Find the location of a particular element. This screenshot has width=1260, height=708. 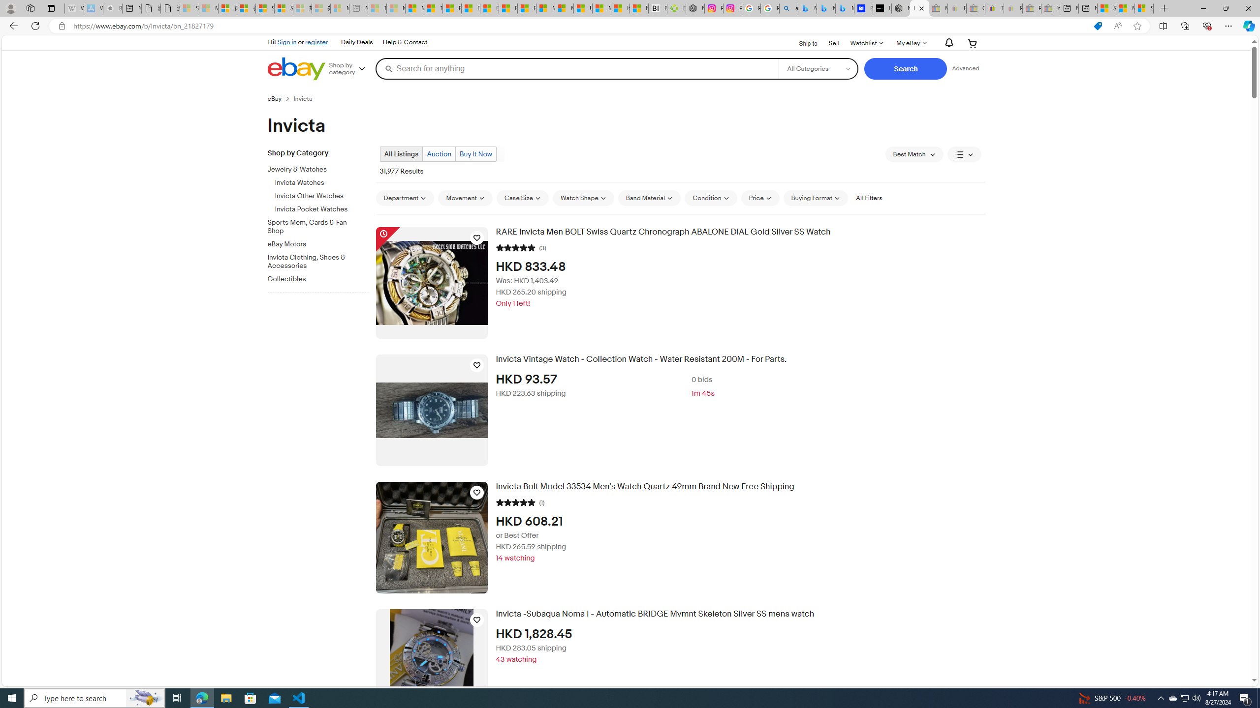

'Daily Deals' is located at coordinates (357, 43).